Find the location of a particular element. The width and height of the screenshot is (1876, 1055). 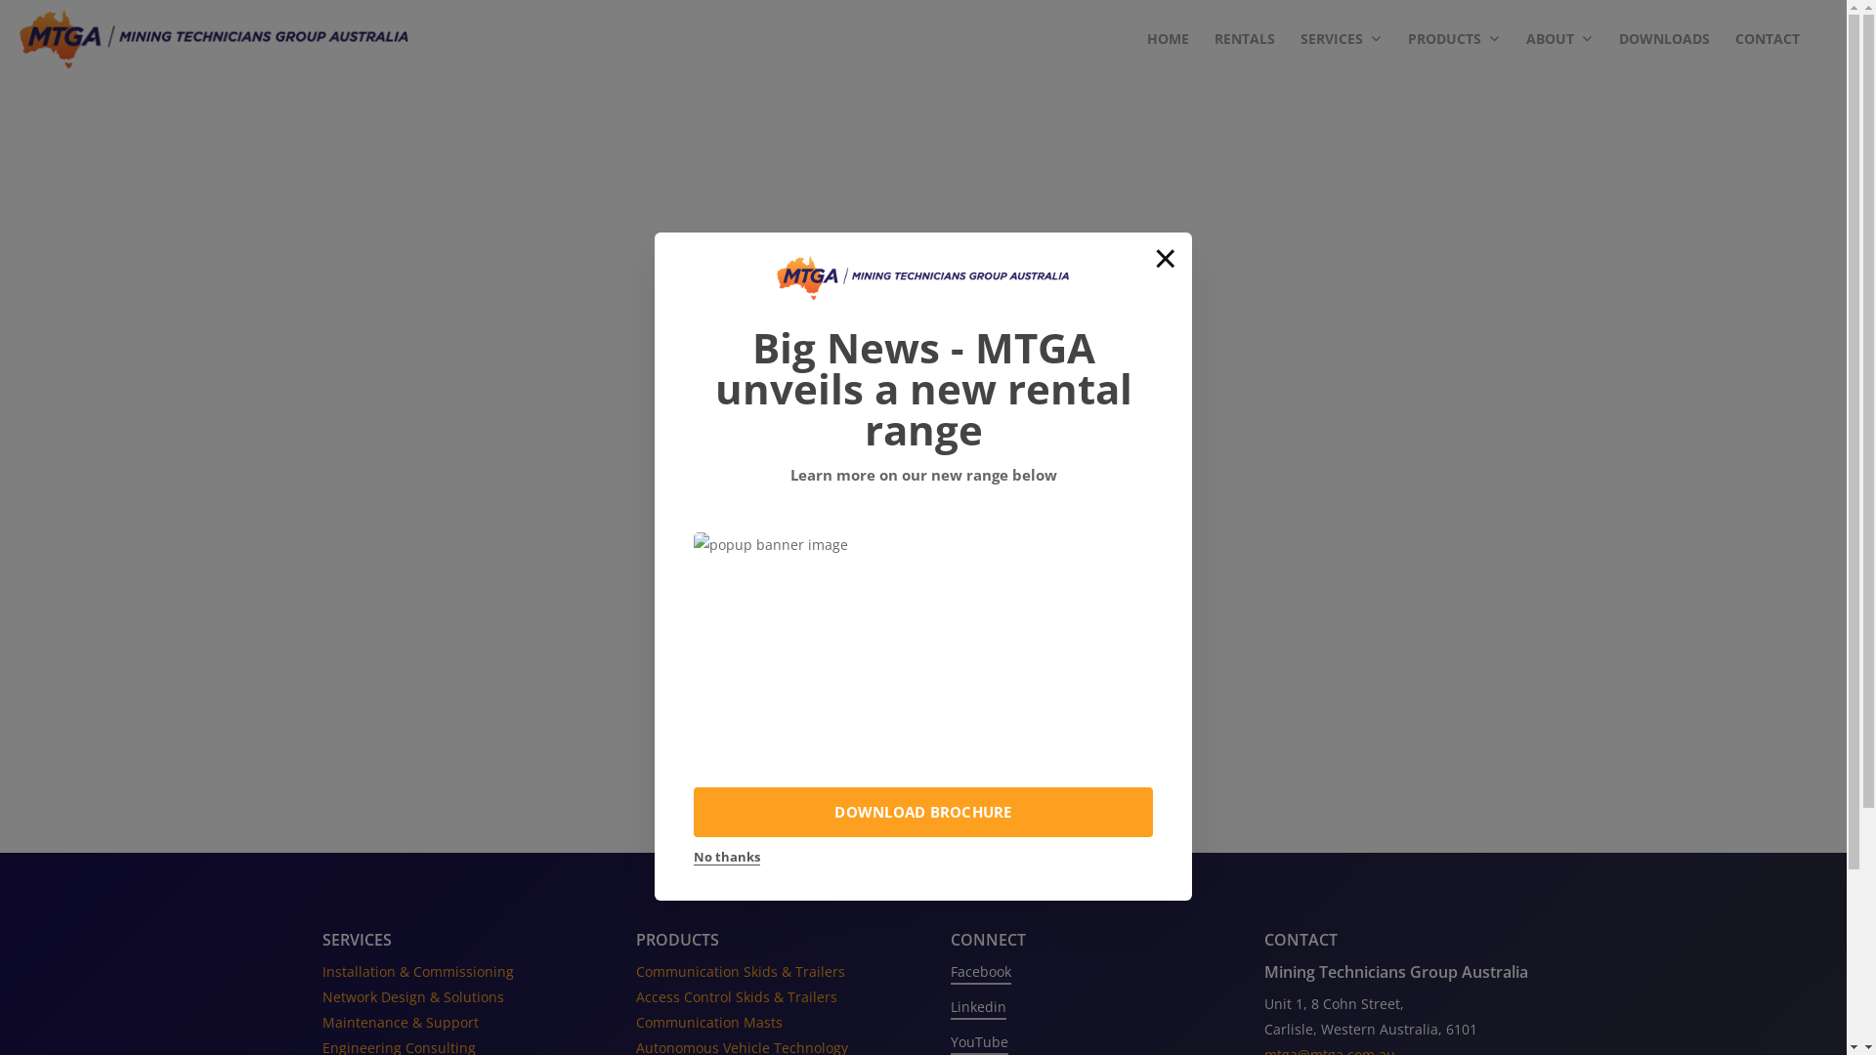

'Installation & Commissioning' is located at coordinates (416, 971).